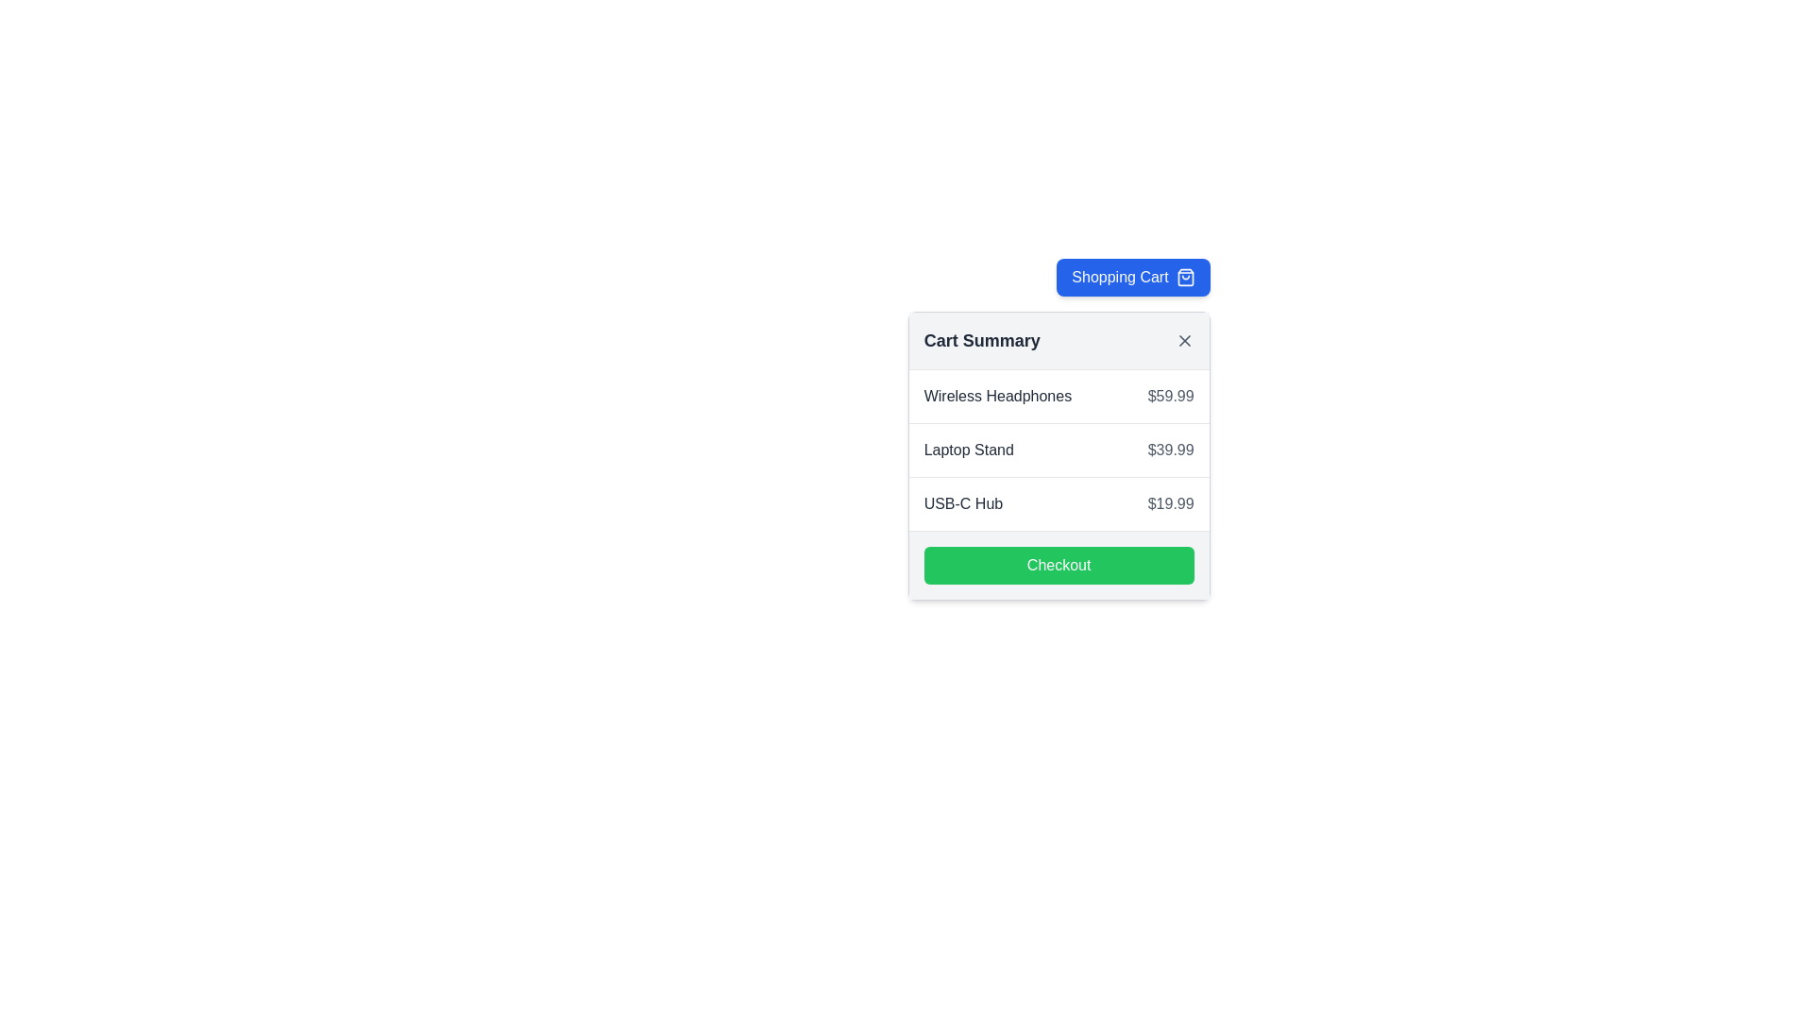  Describe the element at coordinates (1059, 564) in the screenshot. I see `the checkout button located at the bottom of the 'Cart Summary' modal, which initiates the checkout process when clicked` at that location.